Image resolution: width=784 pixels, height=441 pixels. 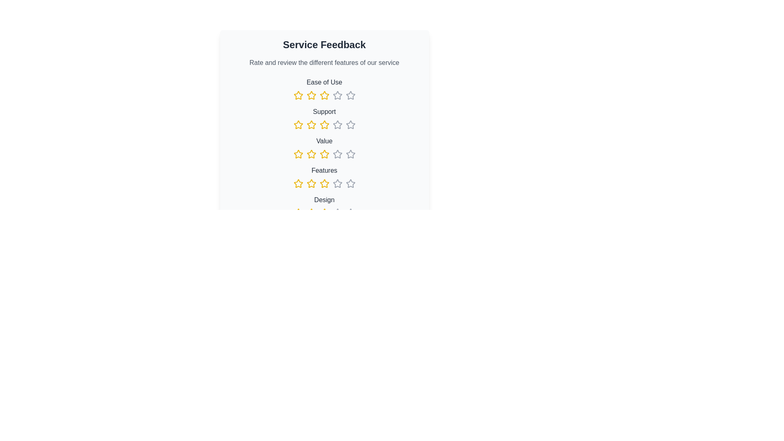 I want to click on the third star icon styled in yellow for ratings in the 'Features' category, so click(x=311, y=184).